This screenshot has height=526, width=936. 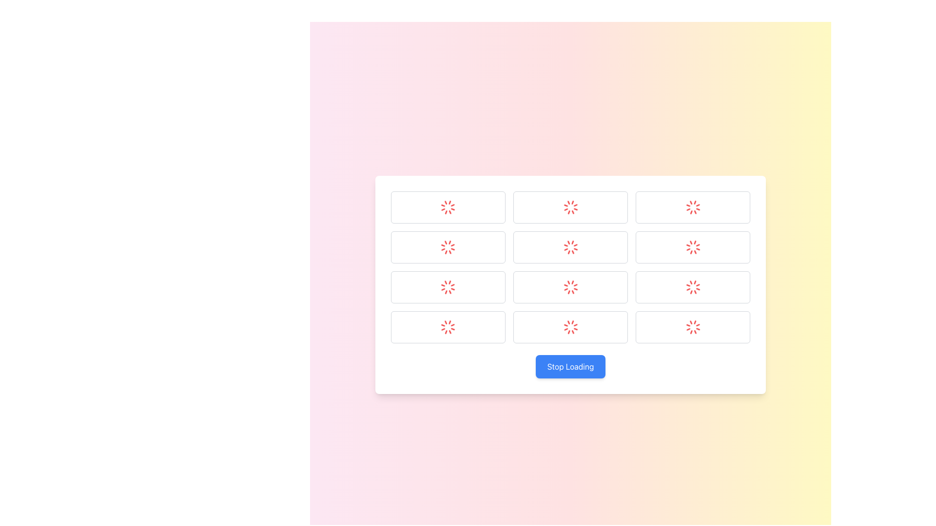 I want to click on the animation of the Animated Loader Icon, which is located centrally in the fifth row and third column of the grid layout, so click(x=570, y=287).